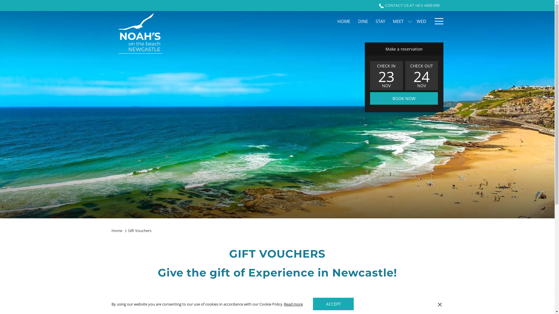 The width and height of the screenshot is (559, 314). What do you see at coordinates (437, 21) in the screenshot?
I see `'More link` at bounding box center [437, 21].